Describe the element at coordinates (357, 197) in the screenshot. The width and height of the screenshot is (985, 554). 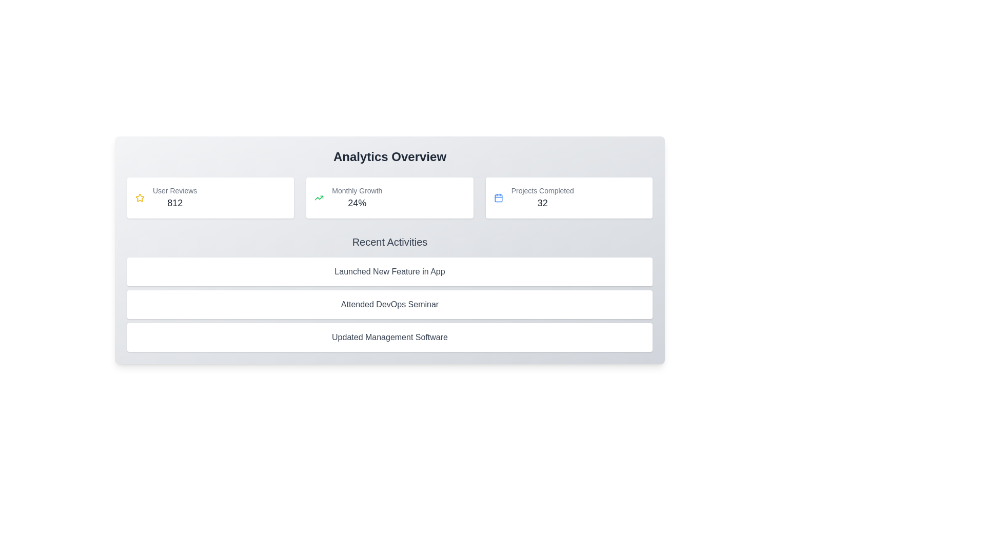
I see `the static text element displaying 'Monthly Growth' and '24%' within the second card of the top row in the dashboard` at that location.